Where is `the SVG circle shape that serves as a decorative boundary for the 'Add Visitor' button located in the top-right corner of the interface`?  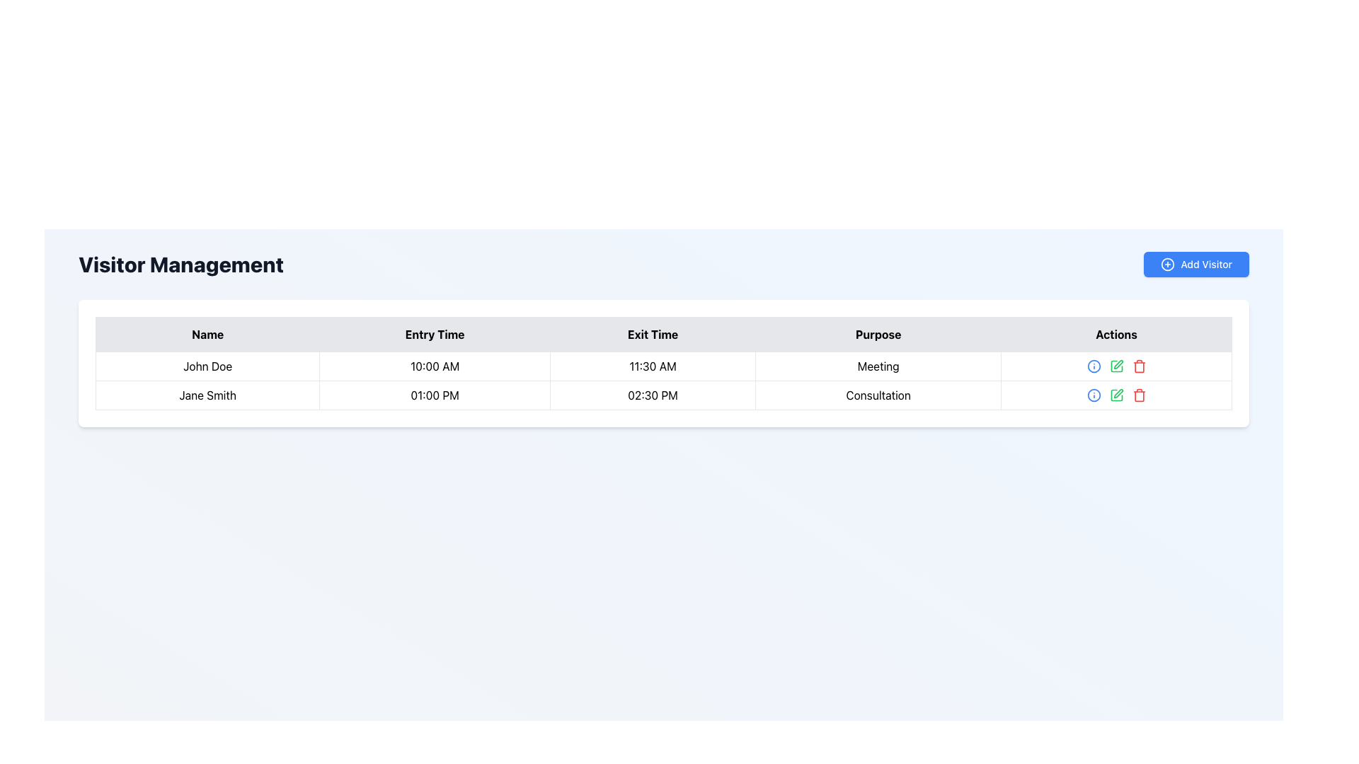 the SVG circle shape that serves as a decorative boundary for the 'Add Visitor' button located in the top-right corner of the interface is located at coordinates (1168, 265).